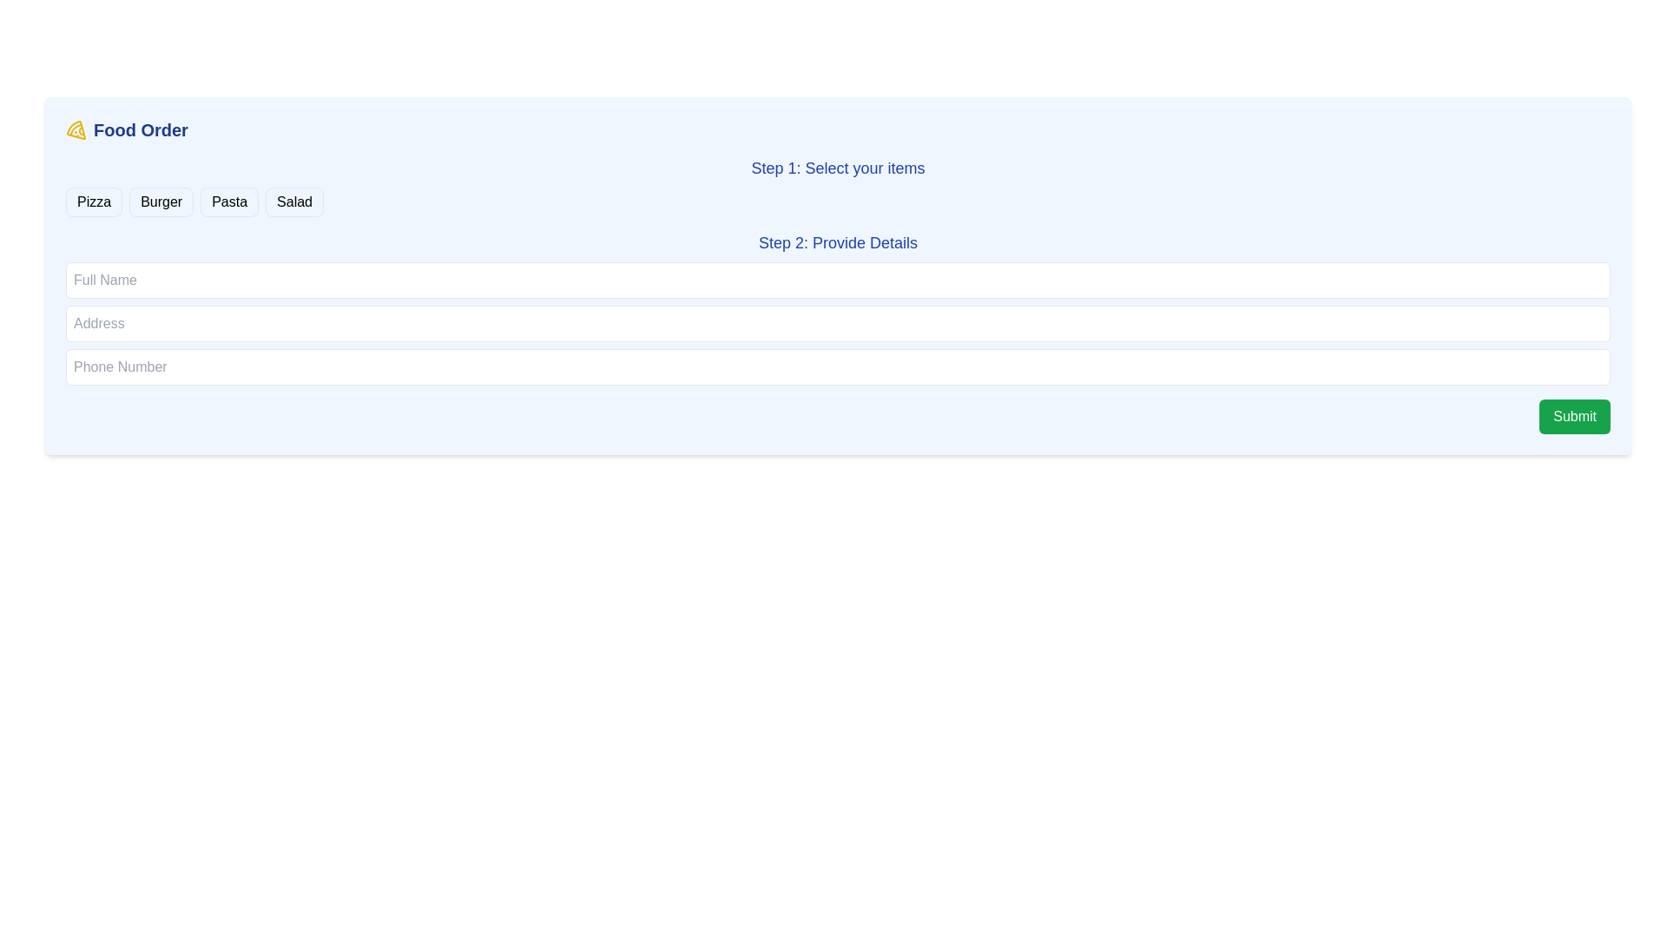 This screenshot has height=938, width=1667. What do you see at coordinates (838, 168) in the screenshot?
I see `the header text 'Step 1: Select your items' which is styled in a large, blue, bold font and serves as the introductory header for item selection` at bounding box center [838, 168].